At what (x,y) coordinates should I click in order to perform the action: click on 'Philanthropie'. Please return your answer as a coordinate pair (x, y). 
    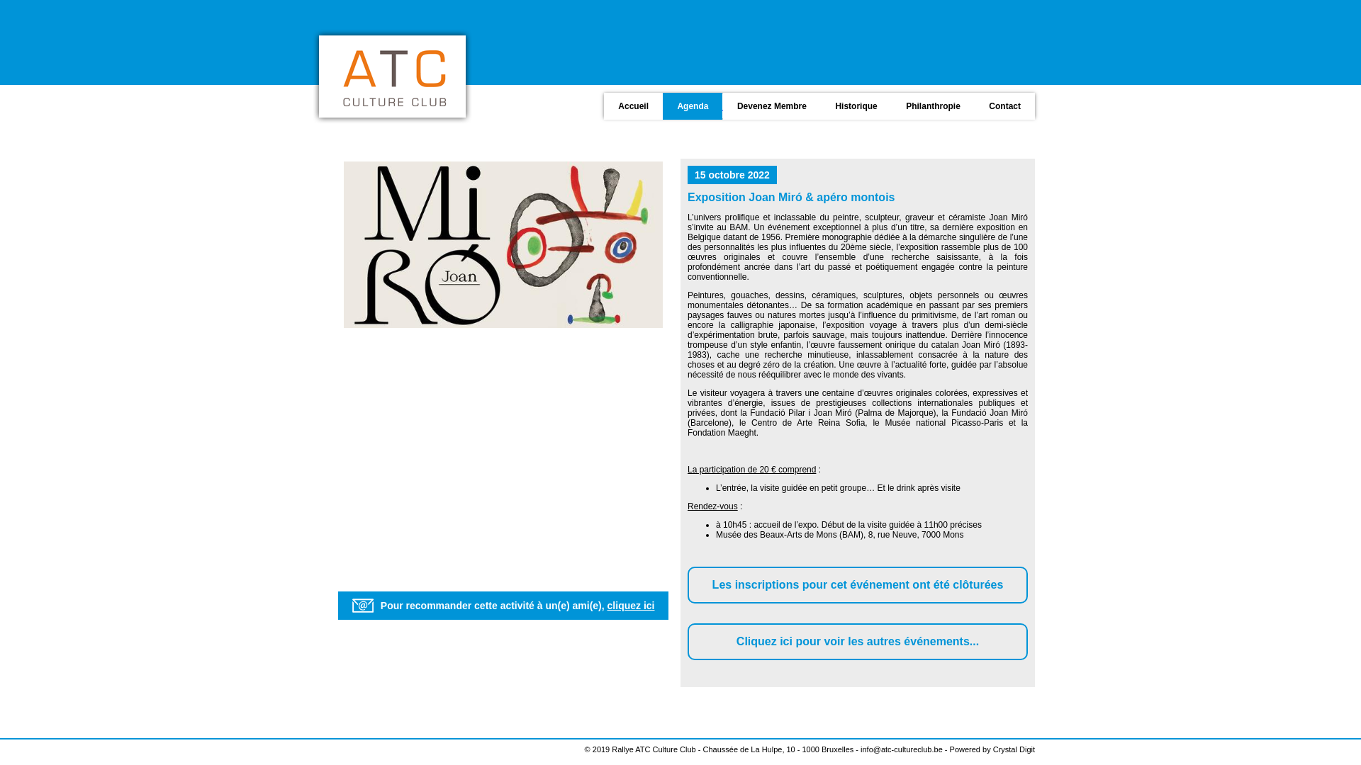
    Looking at the image, I should click on (931, 104).